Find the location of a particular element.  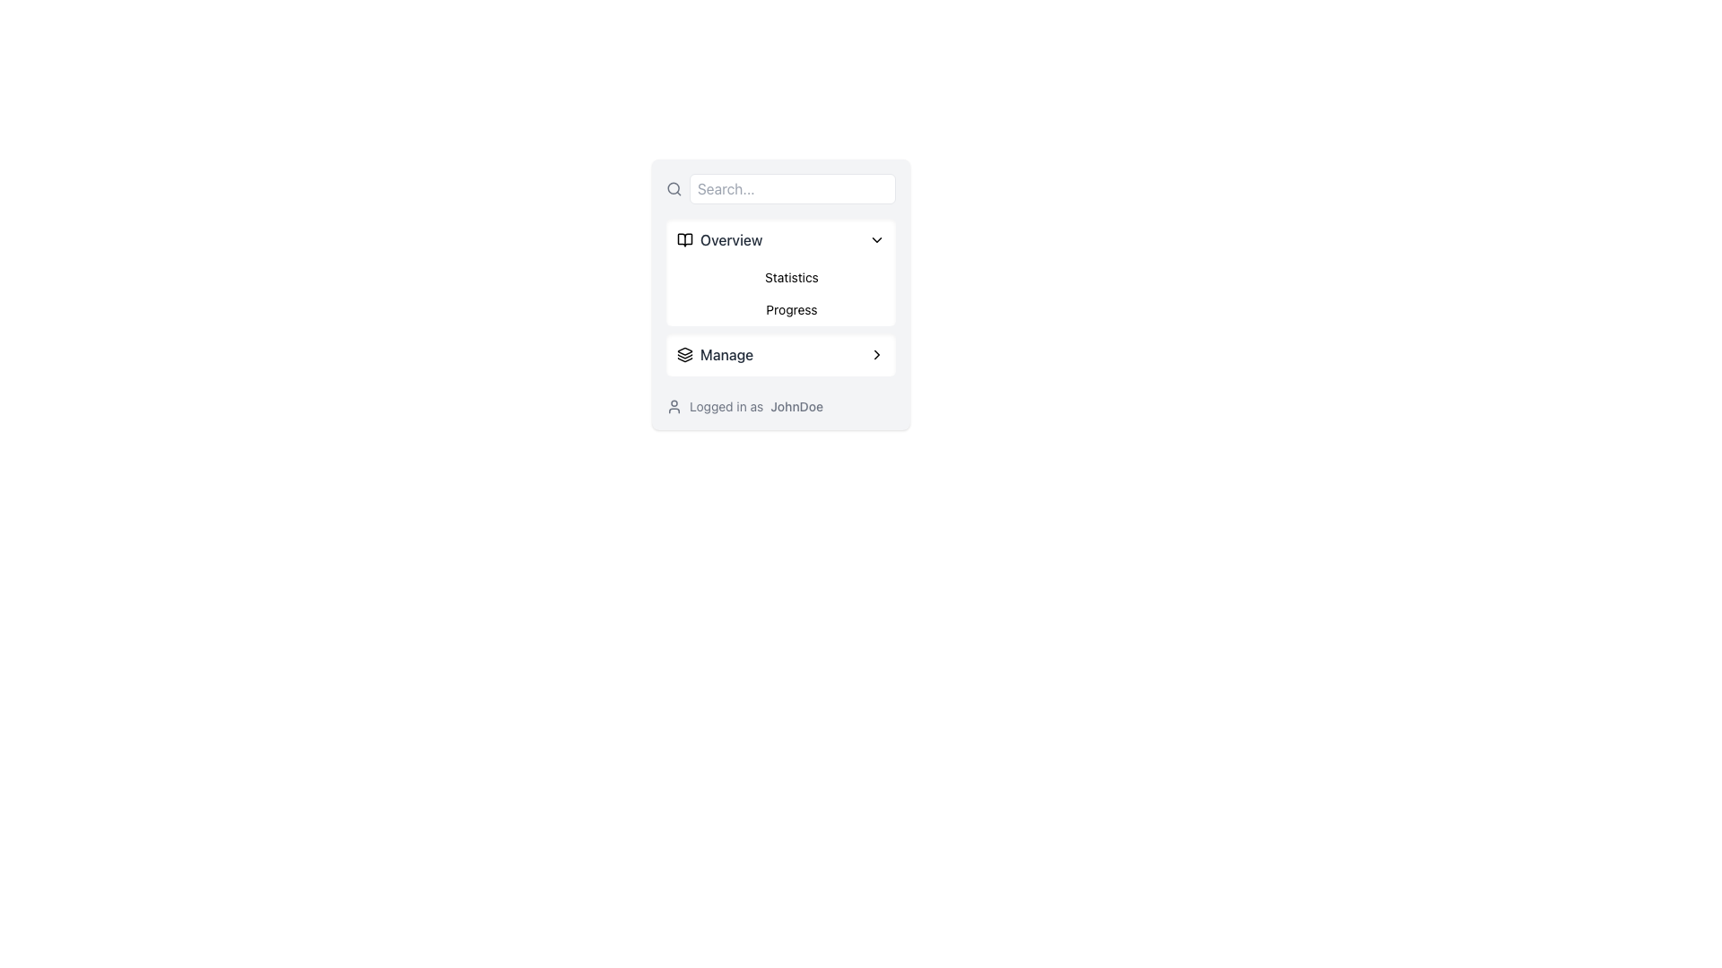

the 'Progress' link in the grouped list component located under the 'Overview' section is located at coordinates (780, 292).